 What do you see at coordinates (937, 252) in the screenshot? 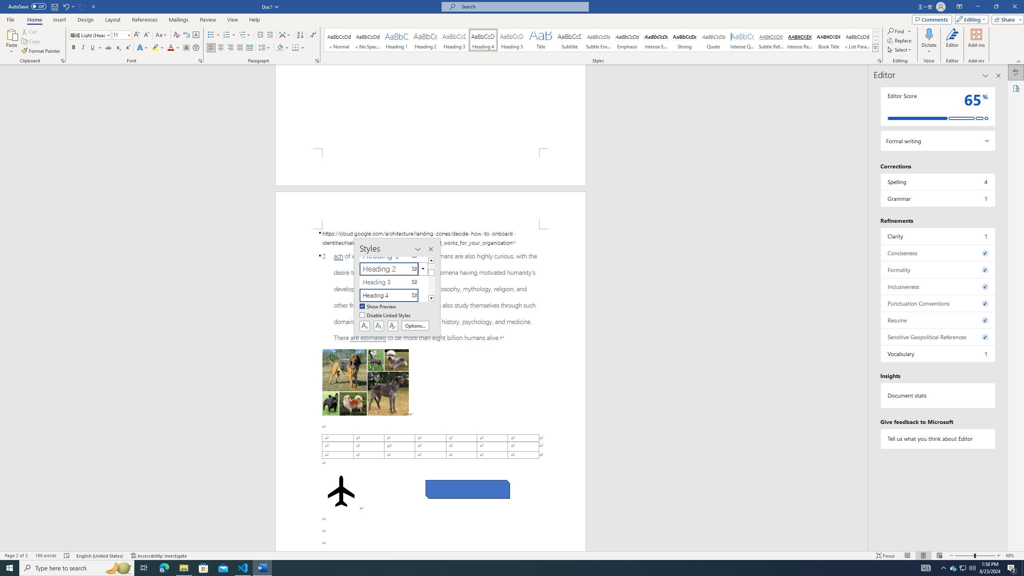
I see `'Conciseness, 0 issues. Press space or enter to review items.'` at bounding box center [937, 252].